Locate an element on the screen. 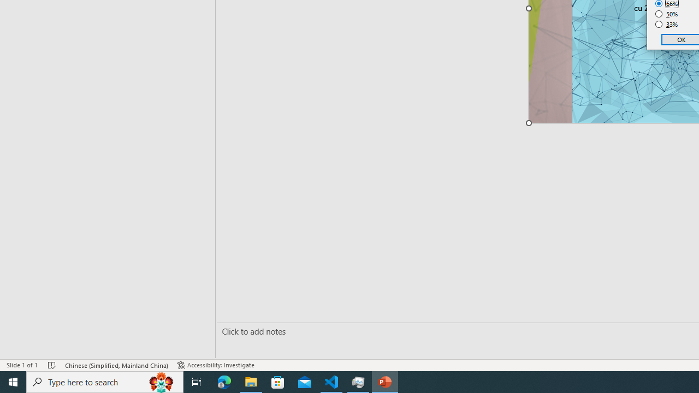 The image size is (699, 393). 'Visual Studio Code - 1 running window' is located at coordinates (331, 381).